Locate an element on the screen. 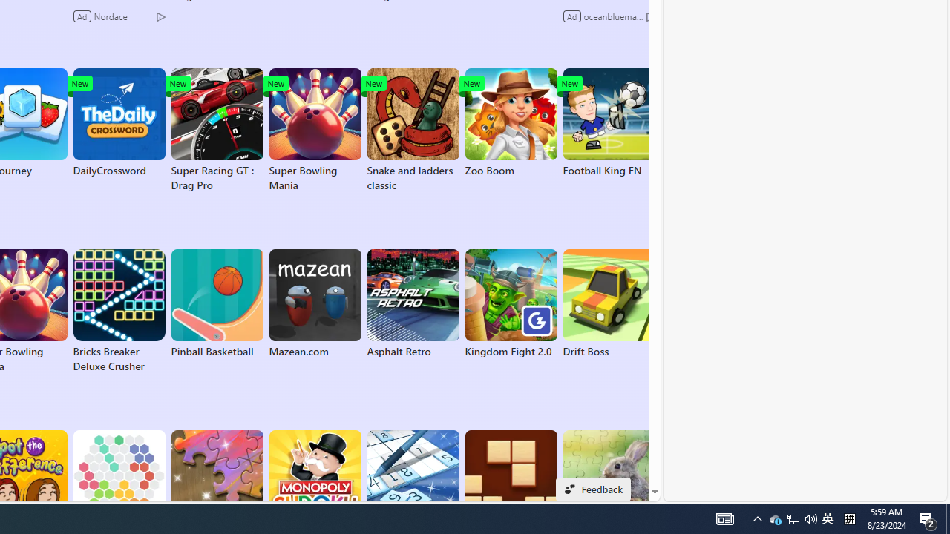  'Super Bowling Mania' is located at coordinates (314, 130).